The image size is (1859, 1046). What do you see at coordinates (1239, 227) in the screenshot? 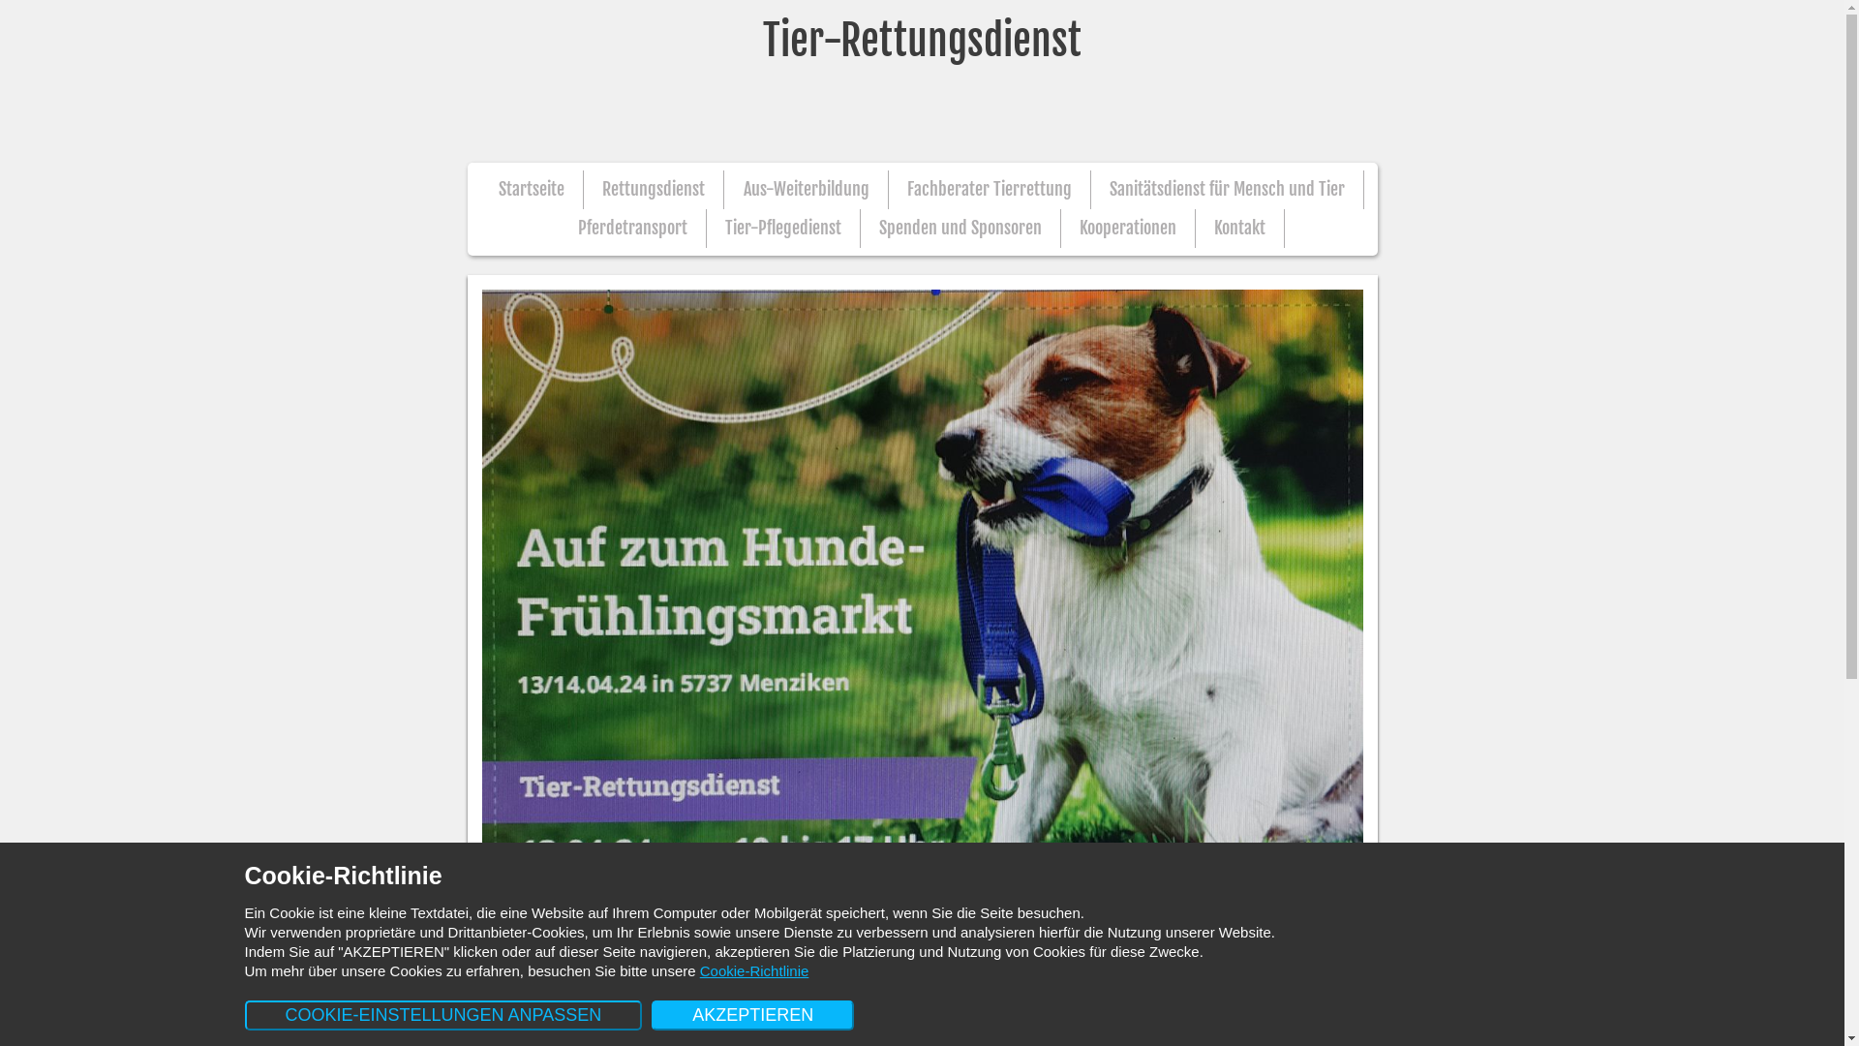
I see `'Kontakt'` at bounding box center [1239, 227].